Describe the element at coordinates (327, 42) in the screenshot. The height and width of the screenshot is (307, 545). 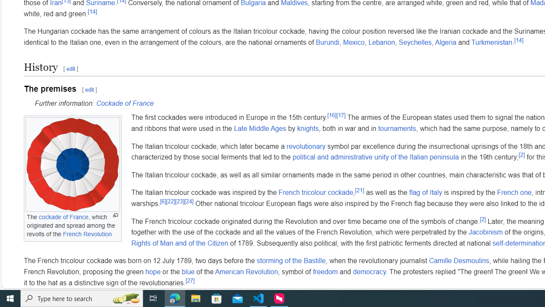
I see `'Burundi'` at that location.